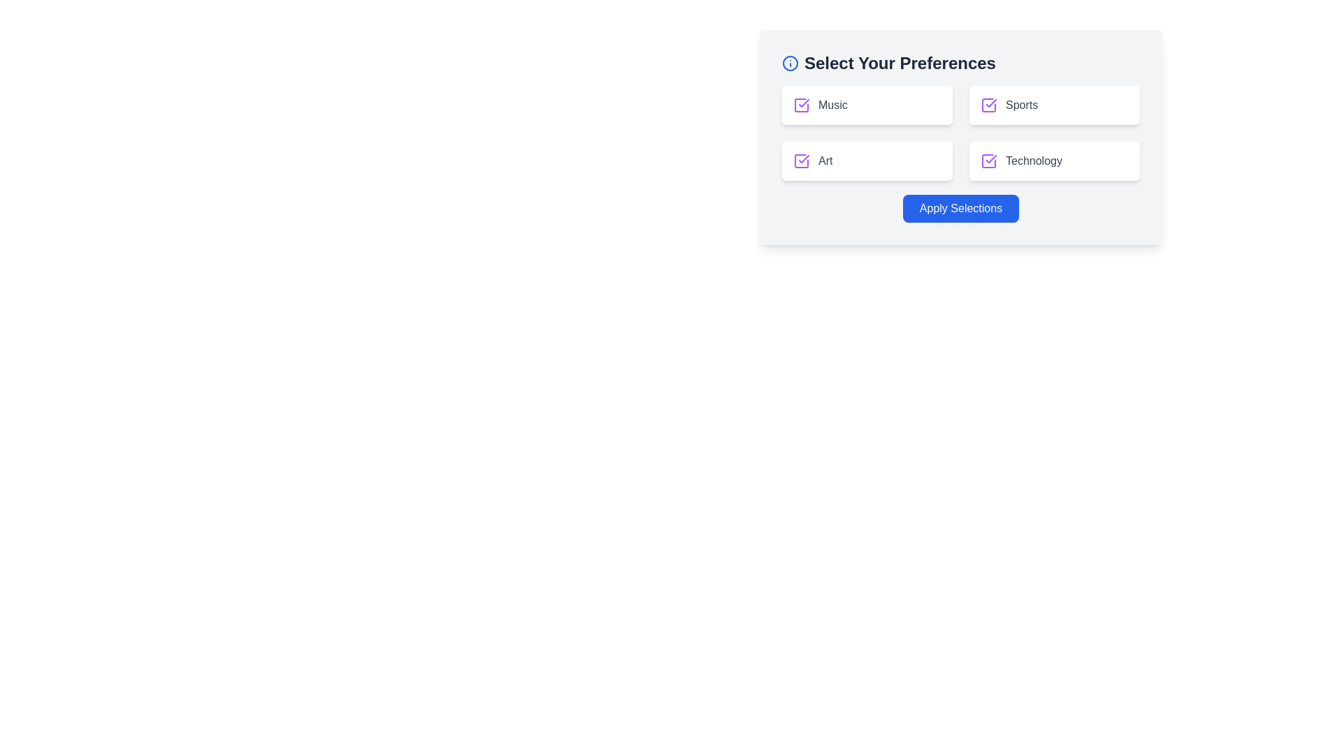 The width and height of the screenshot is (1342, 754). Describe the element at coordinates (1054, 104) in the screenshot. I see `the checkbox labeled 'Sports' with a purple outline to select or interact further` at that location.